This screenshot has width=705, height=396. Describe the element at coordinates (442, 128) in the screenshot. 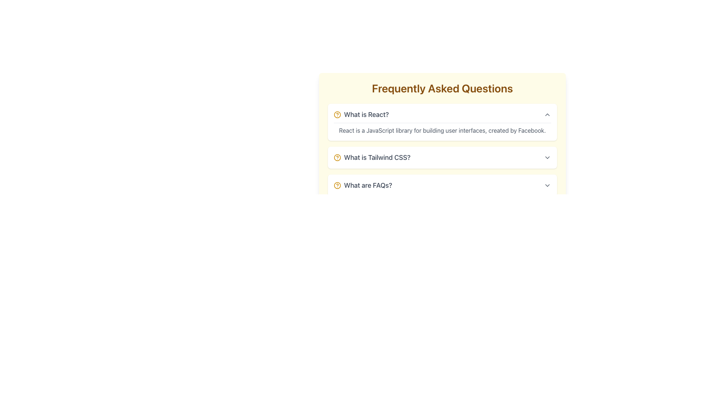

I see `the text element that reads 'React is a JavaScript library for building user interfaces, created by Facebook.' which is styled with gray text and located below the question 'What is React?'` at that location.